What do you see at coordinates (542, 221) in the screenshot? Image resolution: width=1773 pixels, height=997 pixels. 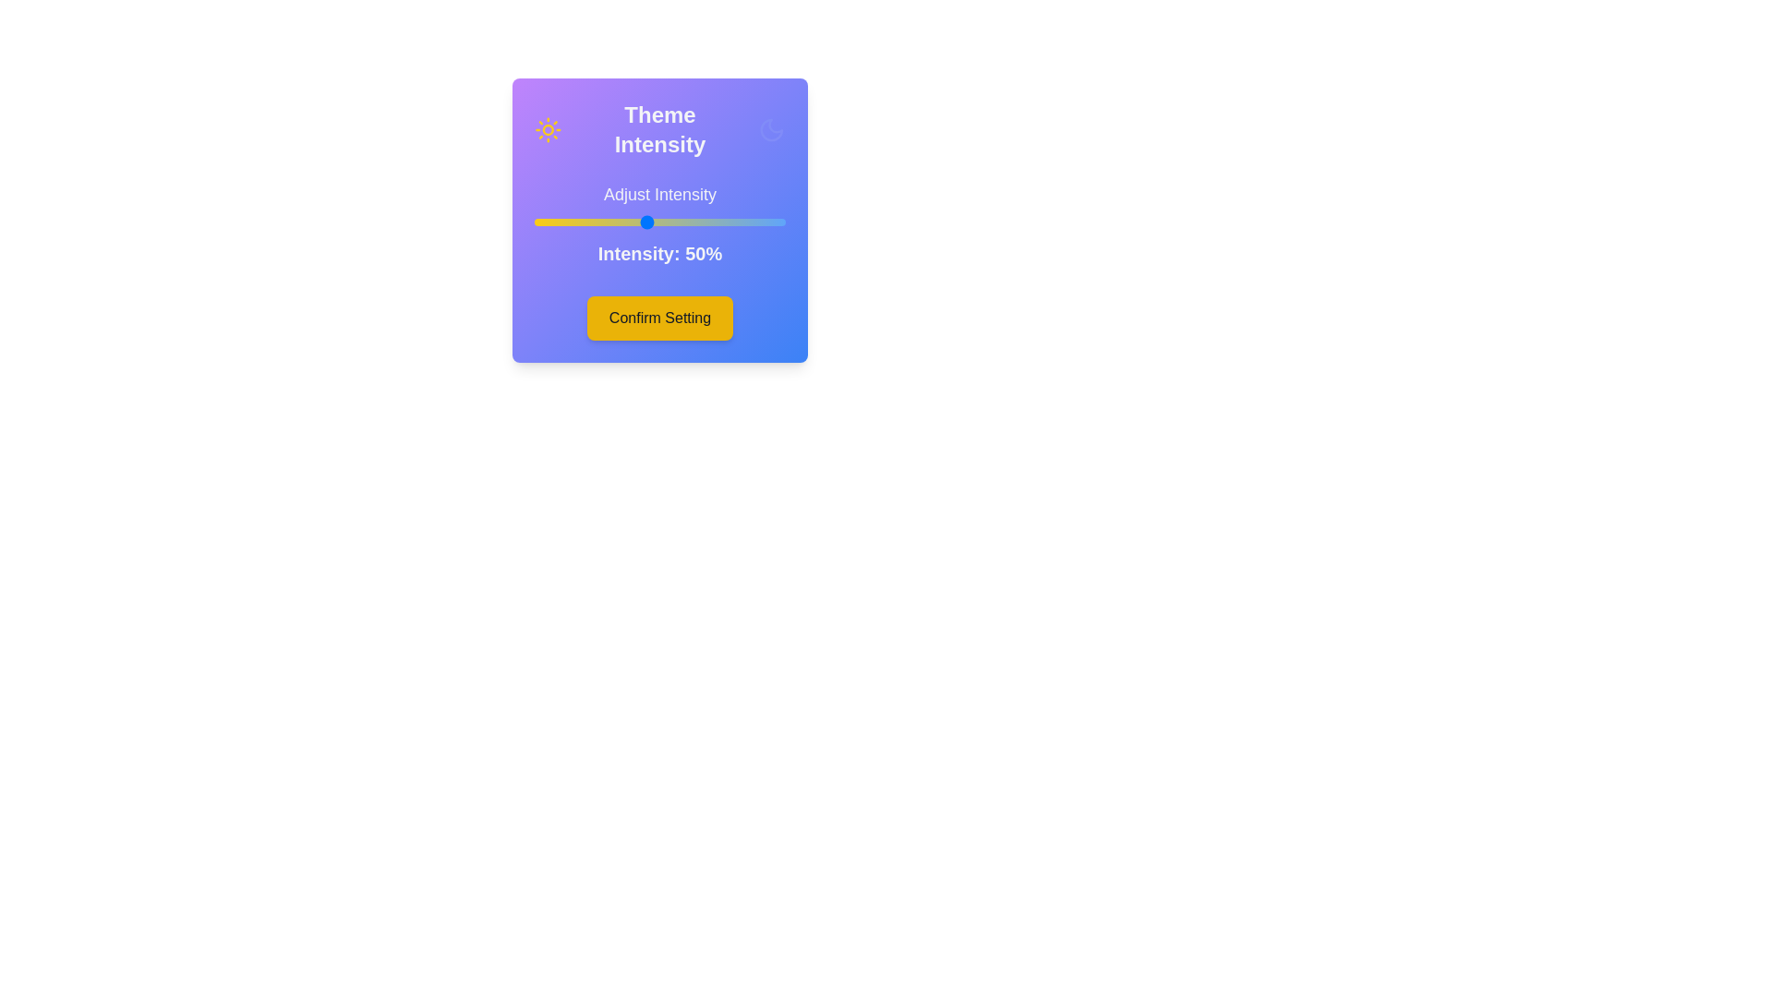 I see `the intensity slider to 13%` at bounding box center [542, 221].